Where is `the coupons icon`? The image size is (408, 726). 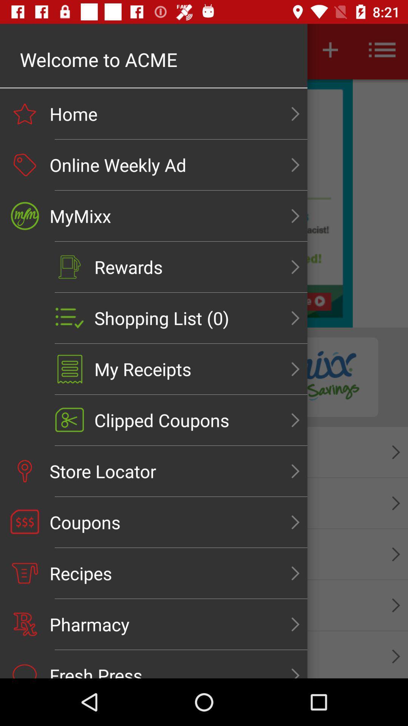 the coupons icon is located at coordinates (24, 522).